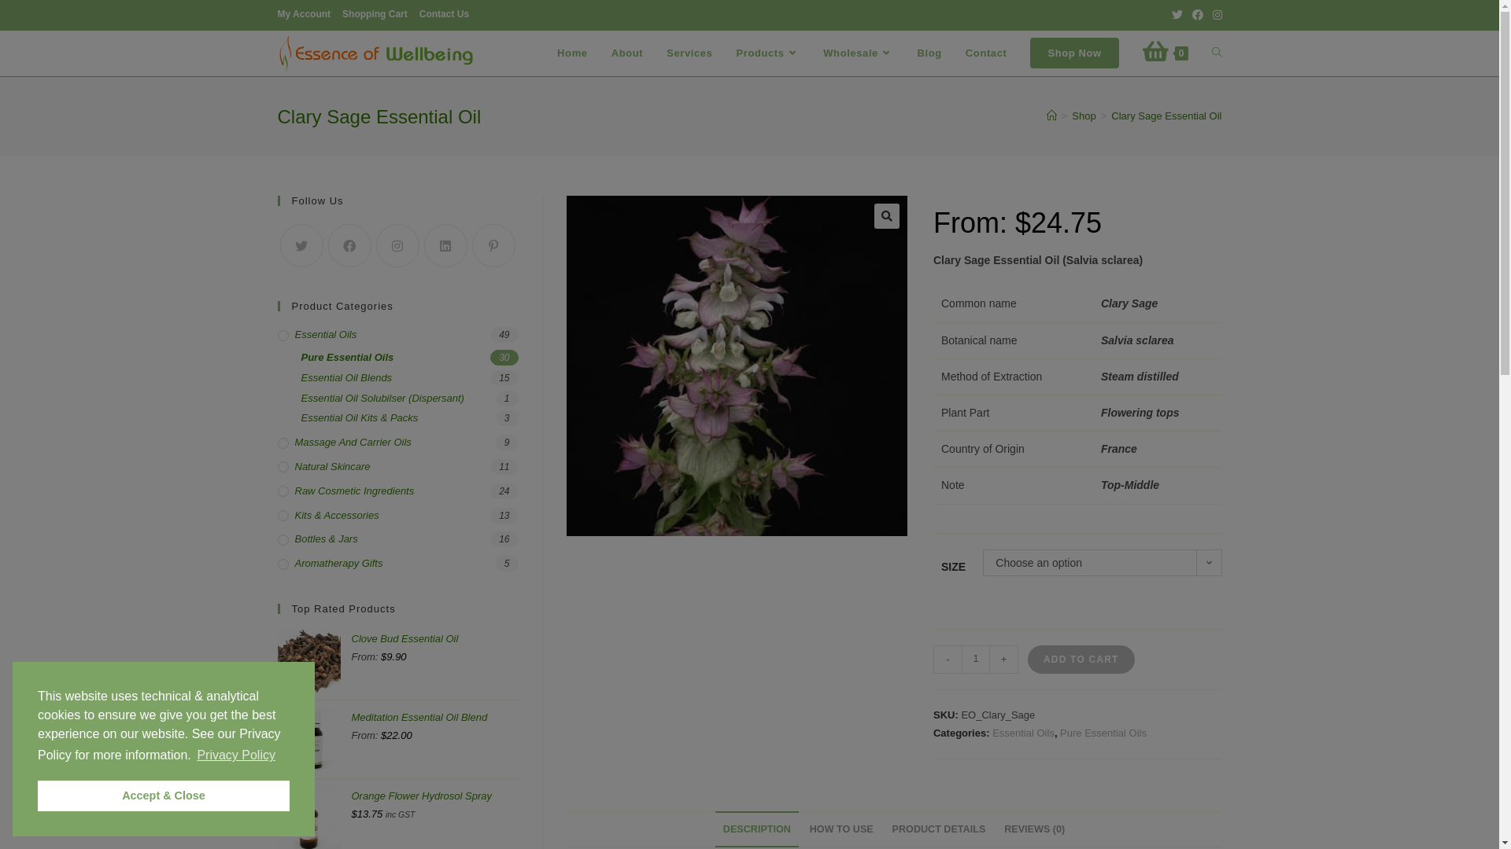 The width and height of the screenshot is (1511, 849). What do you see at coordinates (756, 829) in the screenshot?
I see `'DESCRIPTION'` at bounding box center [756, 829].